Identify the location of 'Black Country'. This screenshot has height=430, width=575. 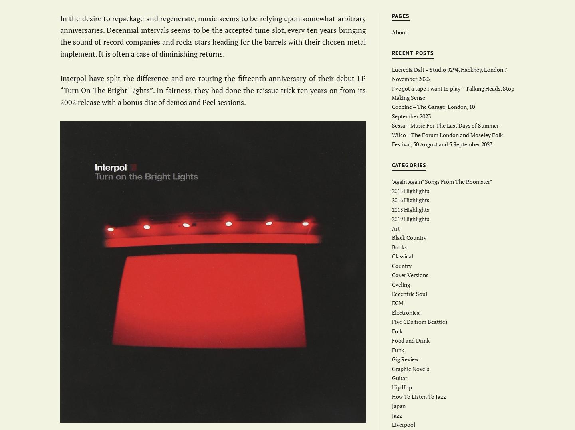
(408, 237).